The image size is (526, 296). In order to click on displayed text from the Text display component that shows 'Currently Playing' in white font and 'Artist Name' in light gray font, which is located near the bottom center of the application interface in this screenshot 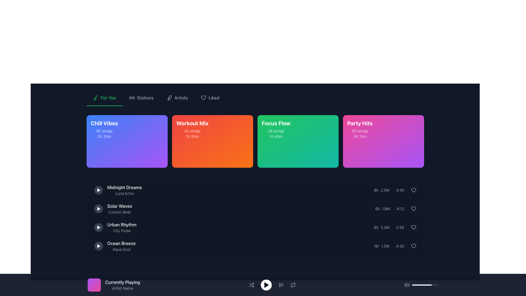, I will do `click(122, 285)`.